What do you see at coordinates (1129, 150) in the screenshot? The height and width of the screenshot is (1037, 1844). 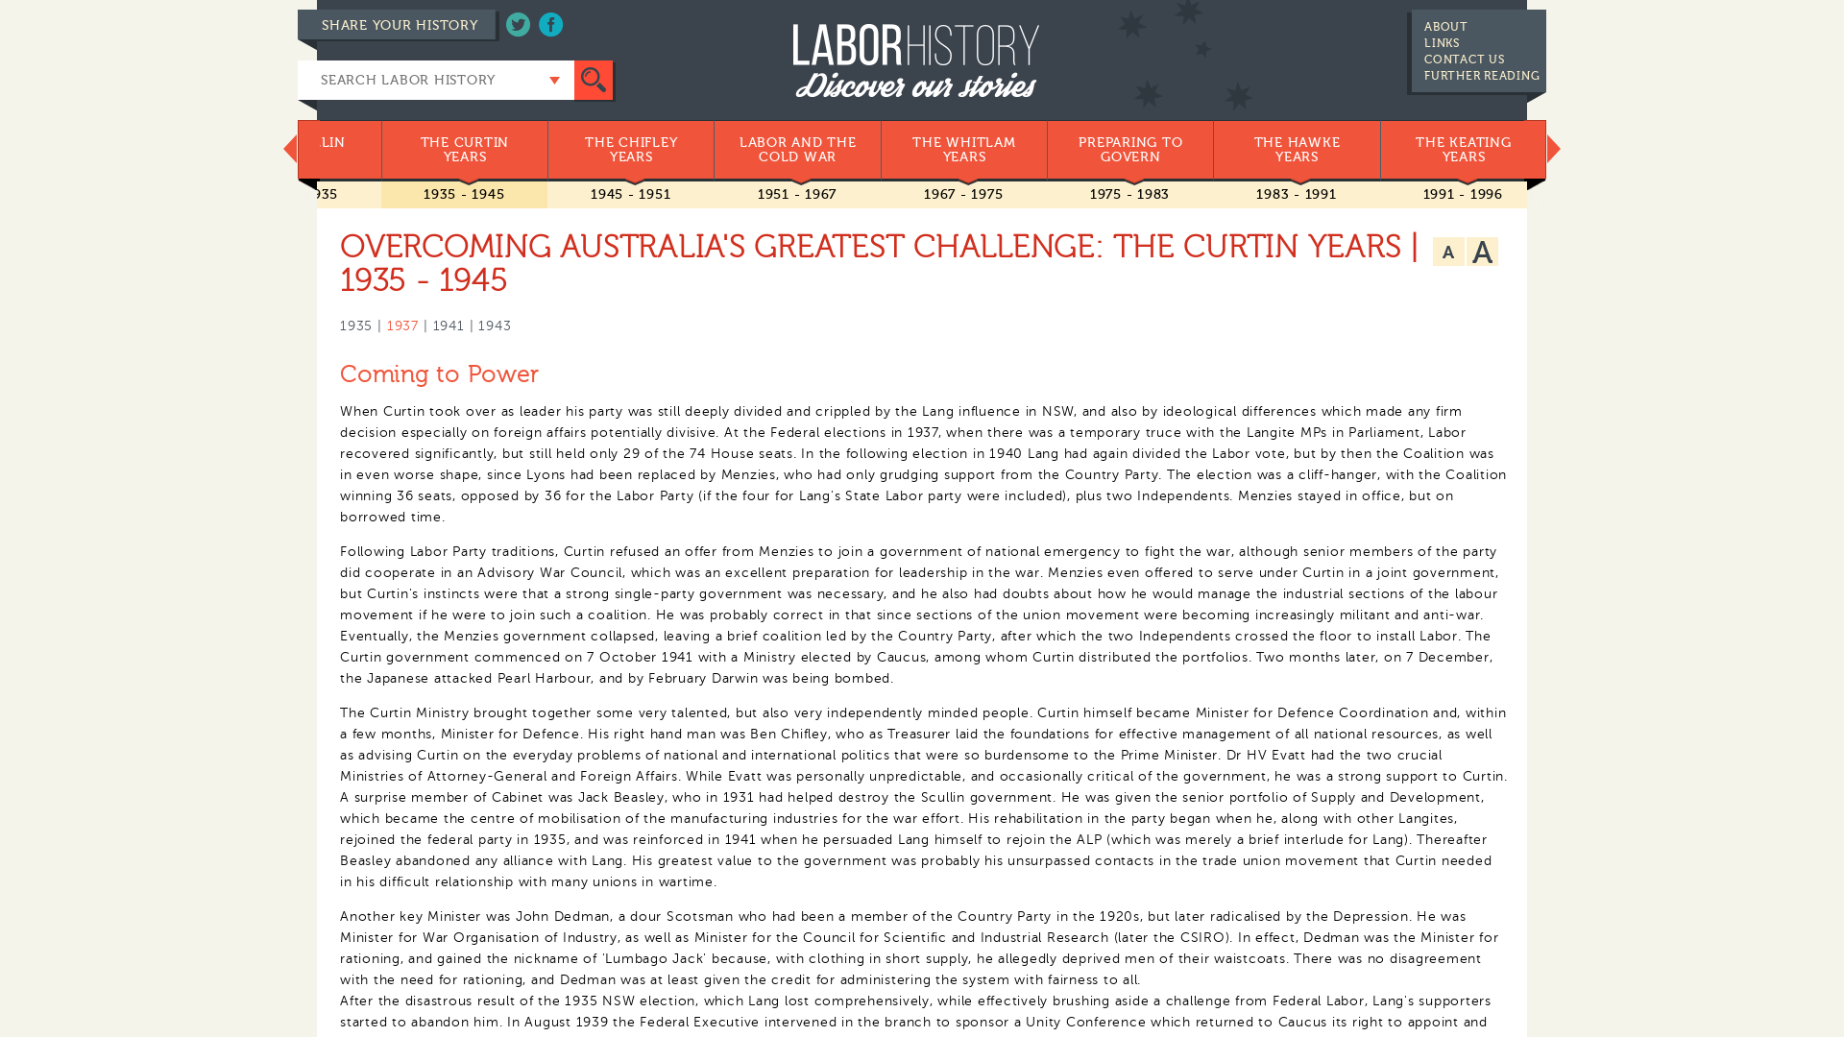 I see `'PREPARING TO GOVERN'` at bounding box center [1129, 150].